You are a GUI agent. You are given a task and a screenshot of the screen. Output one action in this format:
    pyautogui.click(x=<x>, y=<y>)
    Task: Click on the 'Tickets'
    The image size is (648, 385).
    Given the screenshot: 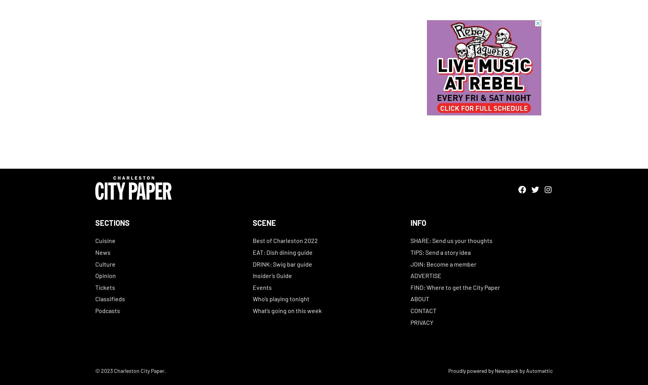 What is the action you would take?
    pyautogui.click(x=105, y=286)
    